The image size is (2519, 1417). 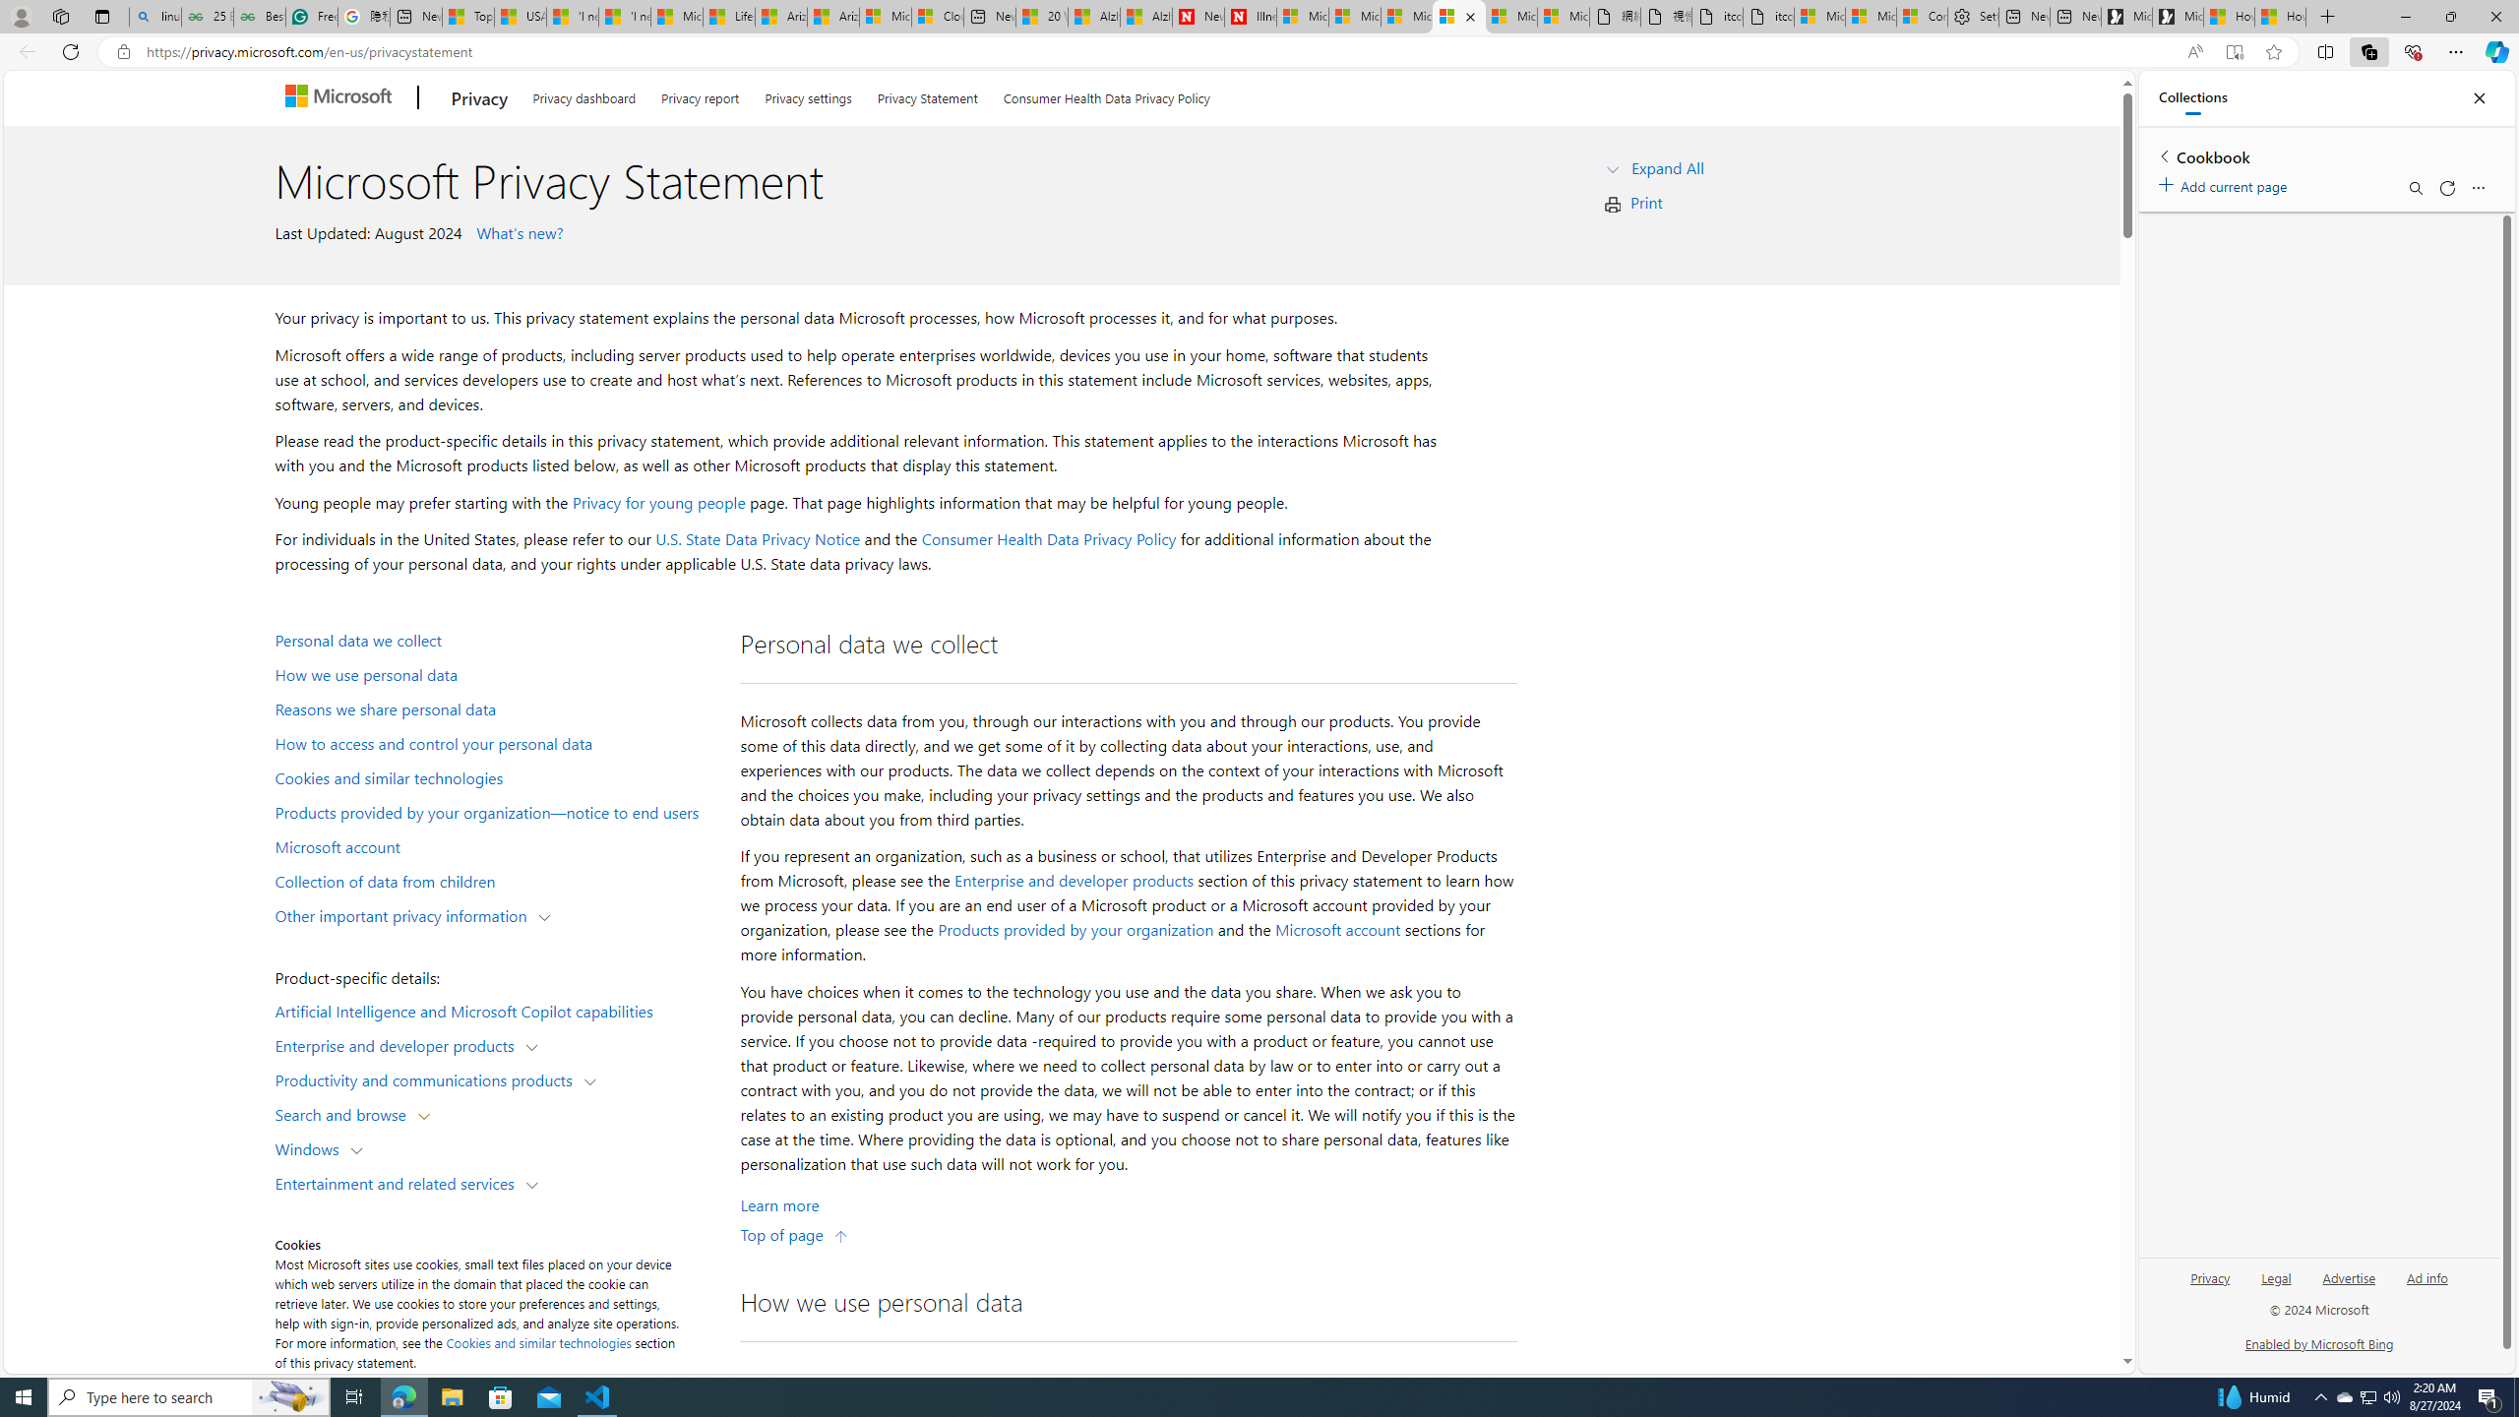 I want to click on 'Consumer Health Data Privacy Policy', so click(x=1048, y=538).